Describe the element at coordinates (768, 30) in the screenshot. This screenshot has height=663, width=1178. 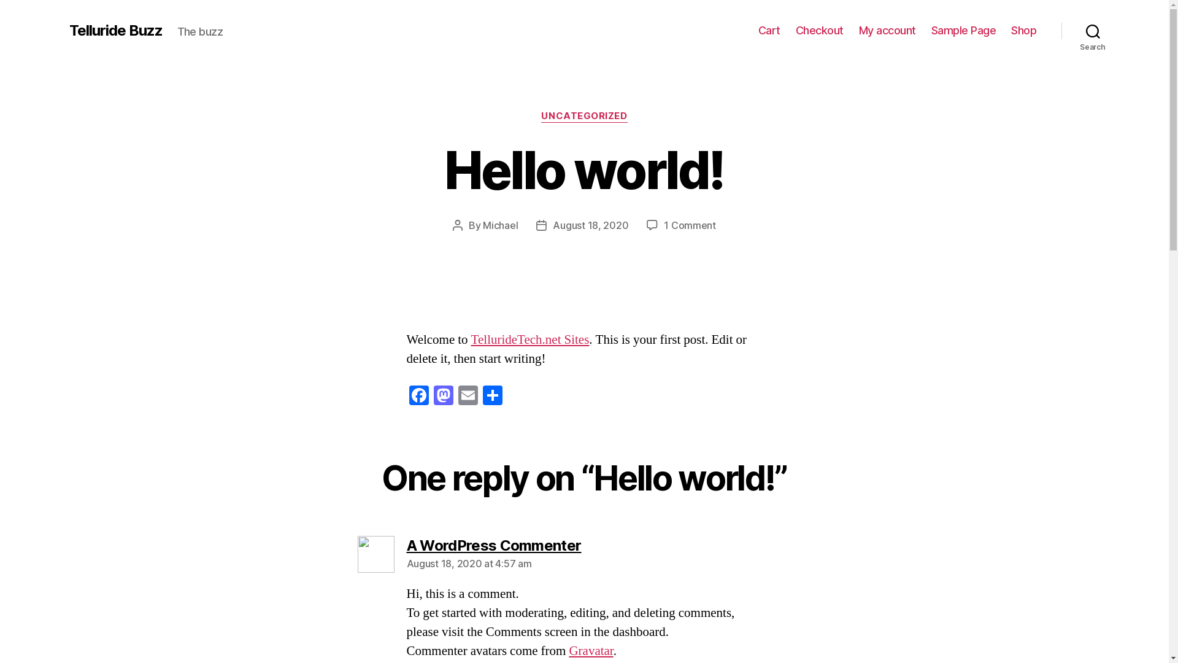
I see `'Cart'` at that location.